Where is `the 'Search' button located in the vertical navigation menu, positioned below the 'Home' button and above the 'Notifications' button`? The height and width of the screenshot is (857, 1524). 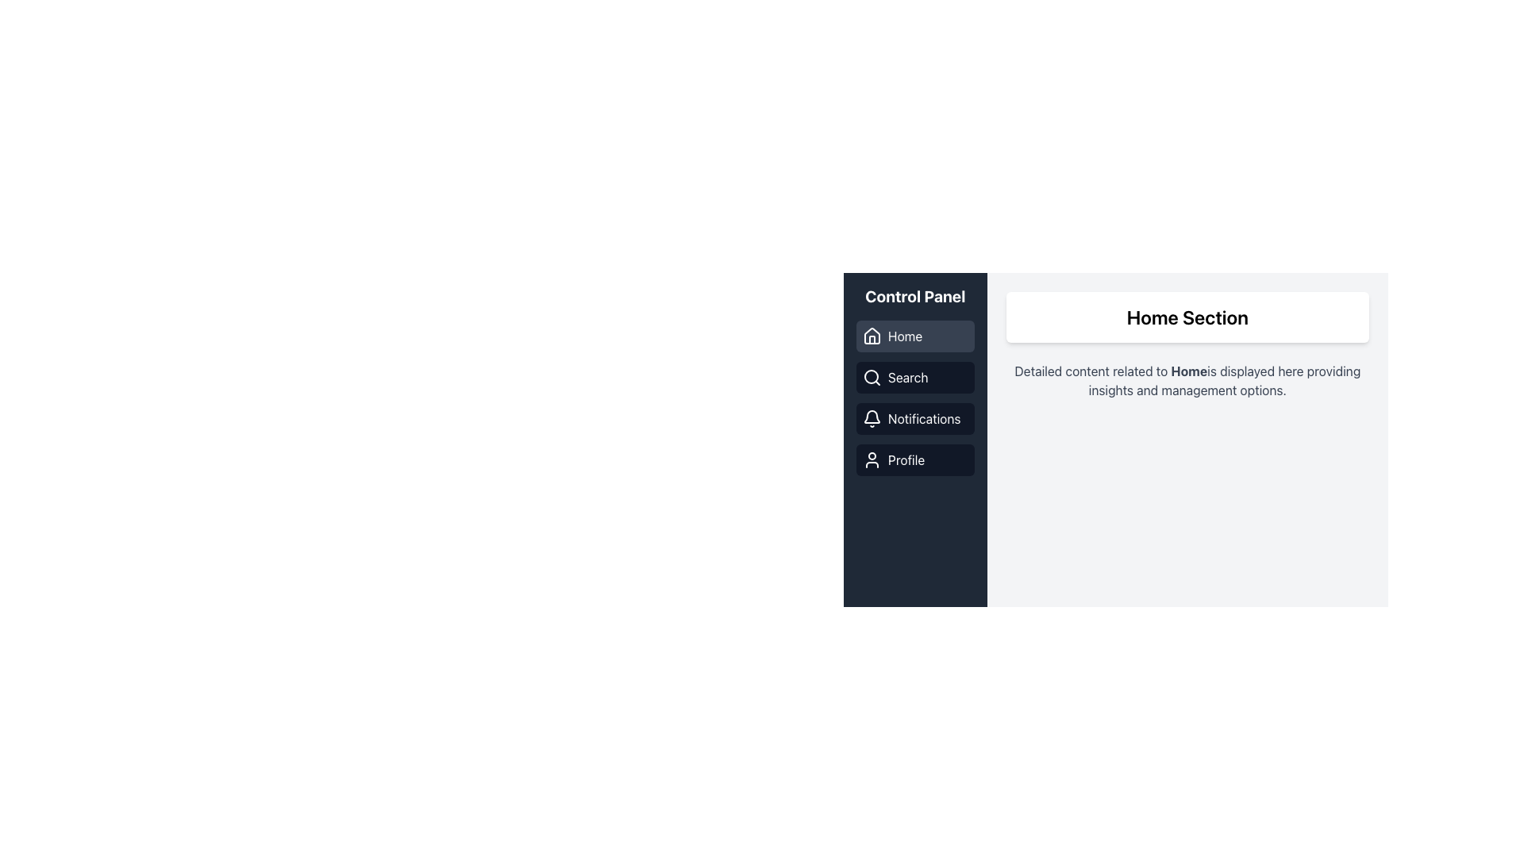 the 'Search' button located in the vertical navigation menu, positioned below the 'Home' button and above the 'Notifications' button is located at coordinates (915, 377).